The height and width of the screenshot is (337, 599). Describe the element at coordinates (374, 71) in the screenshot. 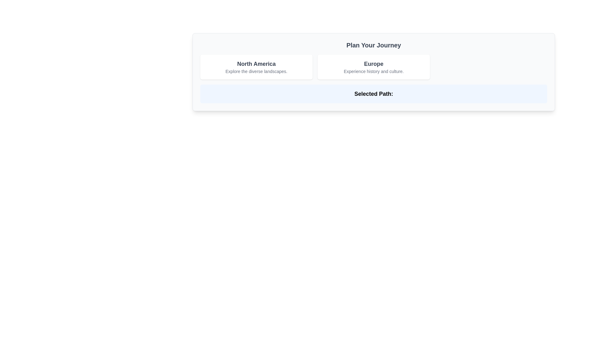

I see `the small gray text label displaying 'Experience history and culture' located below the 'Europe' heading within a white card in the 'Plan Your Journey' section` at that location.